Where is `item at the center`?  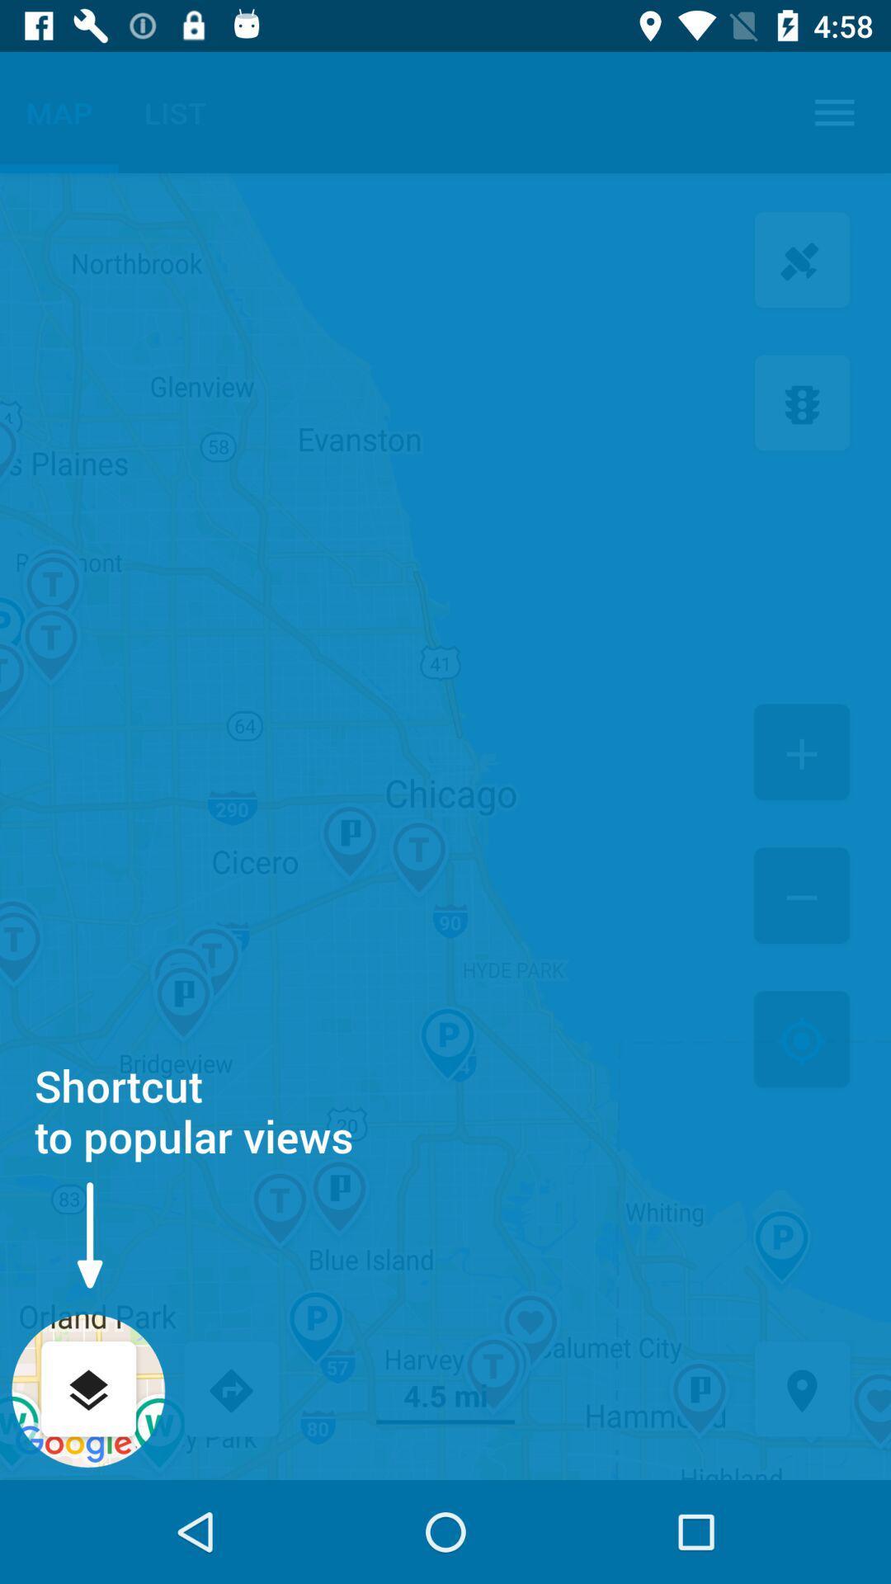 item at the center is located at coordinates (445, 827).